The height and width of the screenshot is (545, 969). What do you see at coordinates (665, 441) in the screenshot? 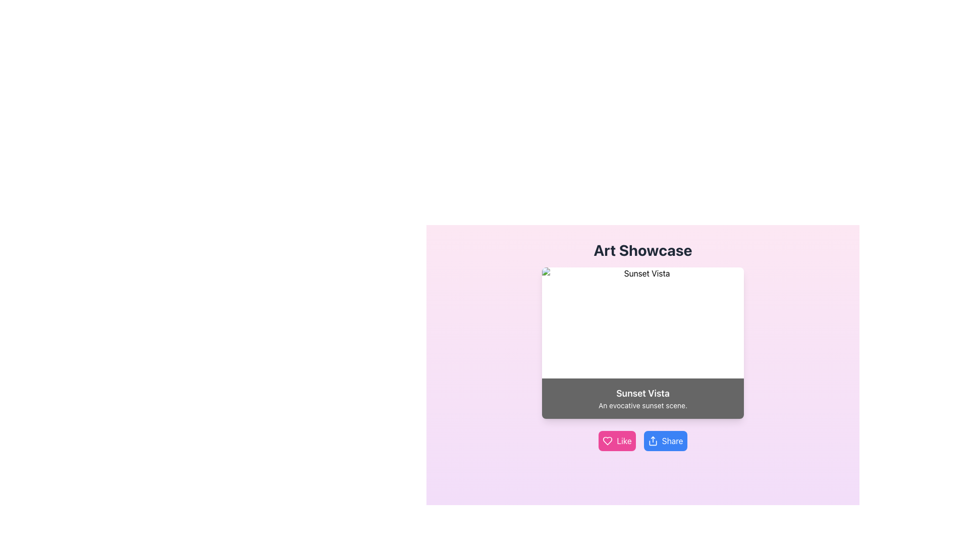
I see `the share button located at the bottom right of the 'Sunset Vista' card, which is the second button to the right of the 'Like' button, to initiate sharing` at bounding box center [665, 441].